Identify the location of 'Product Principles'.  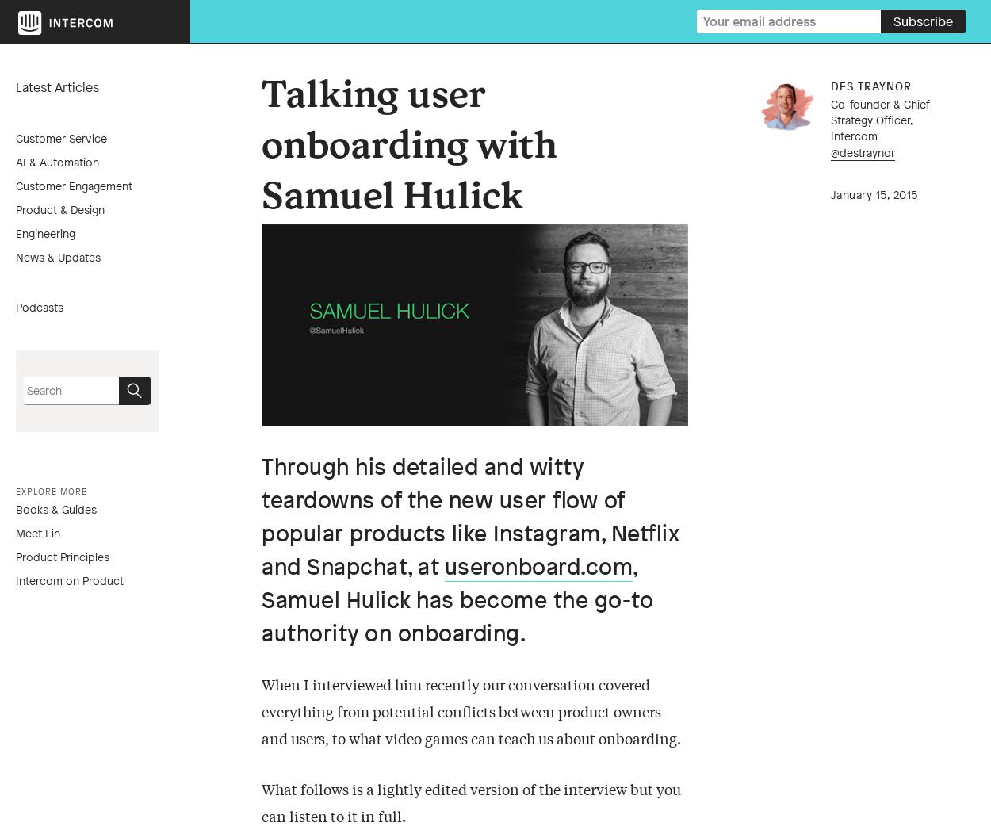
(62, 555).